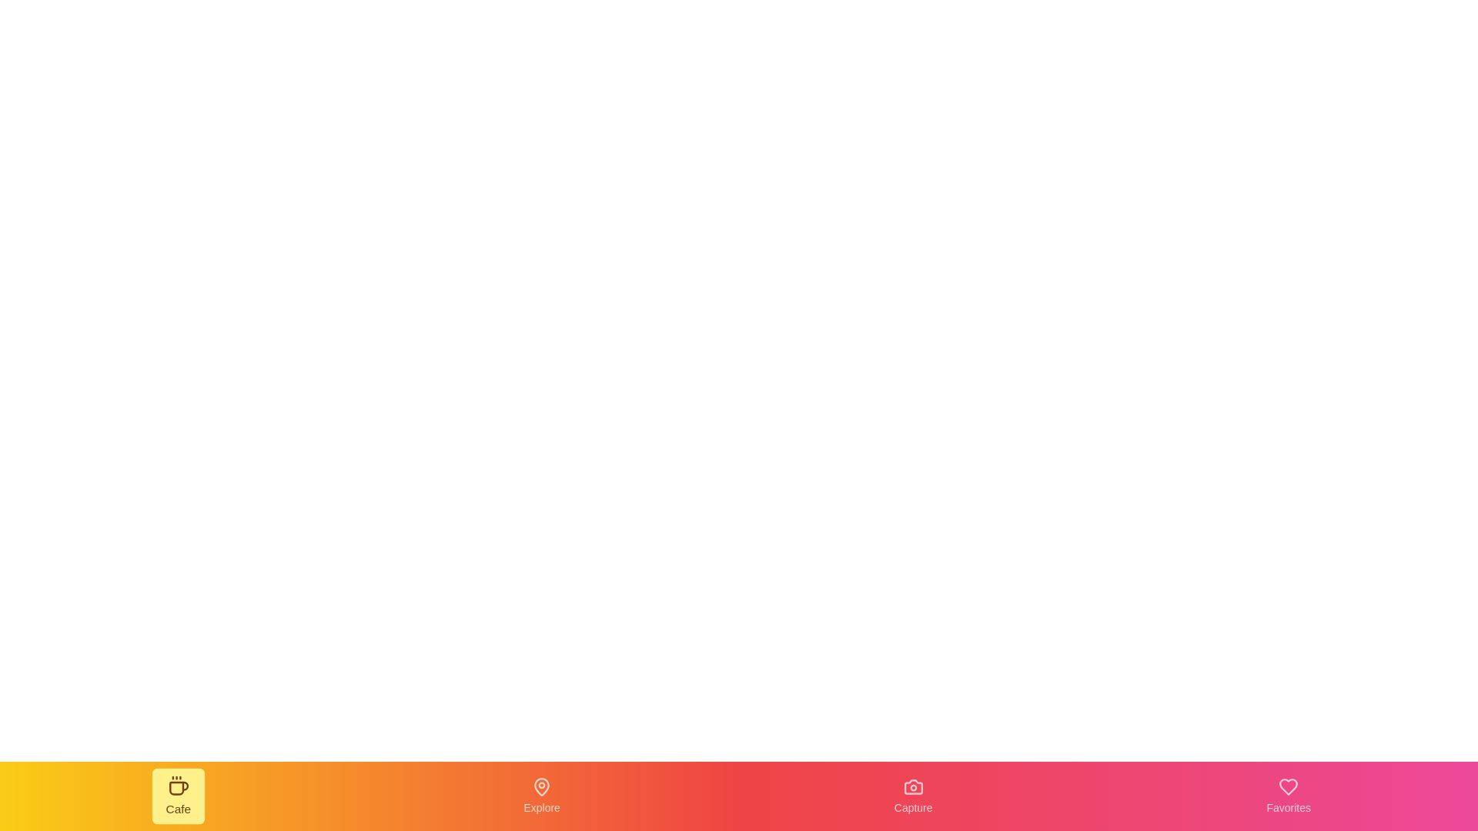 This screenshot has height=831, width=1478. I want to click on the navigation item labeled Favorites, so click(1289, 796).